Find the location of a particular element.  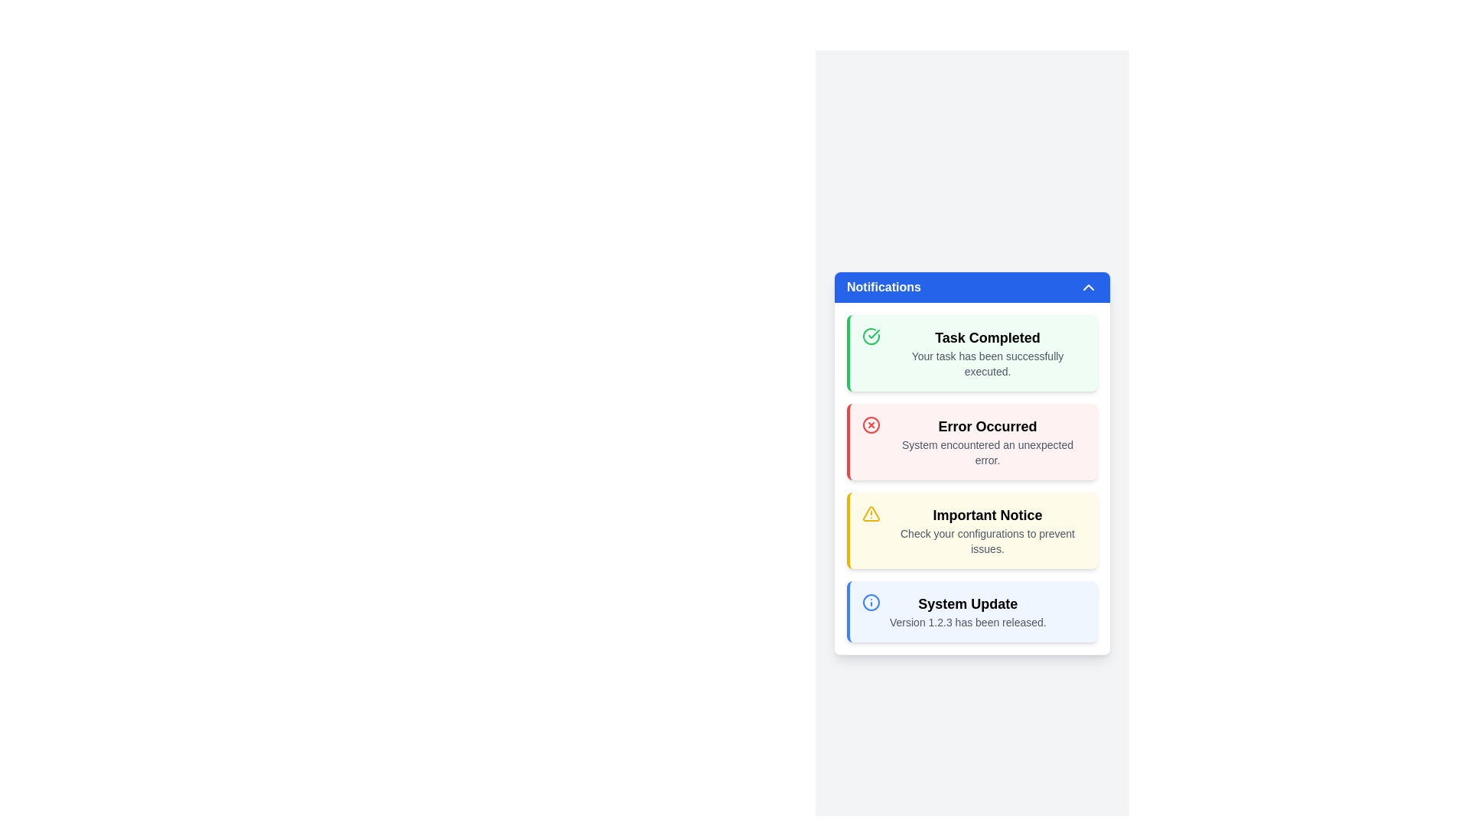

the third notification card in the vertical stack of notifications, which contains important system configuration notices, located between the 'Error Occurred' and 'System Update' cards is located at coordinates (972, 530).